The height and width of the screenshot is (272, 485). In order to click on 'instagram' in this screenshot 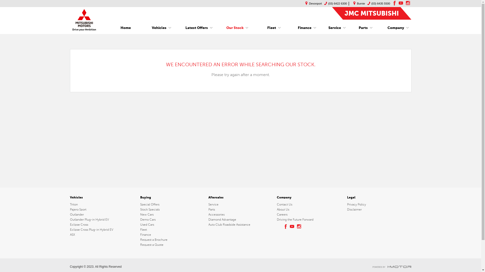, I will do `click(299, 226)`.